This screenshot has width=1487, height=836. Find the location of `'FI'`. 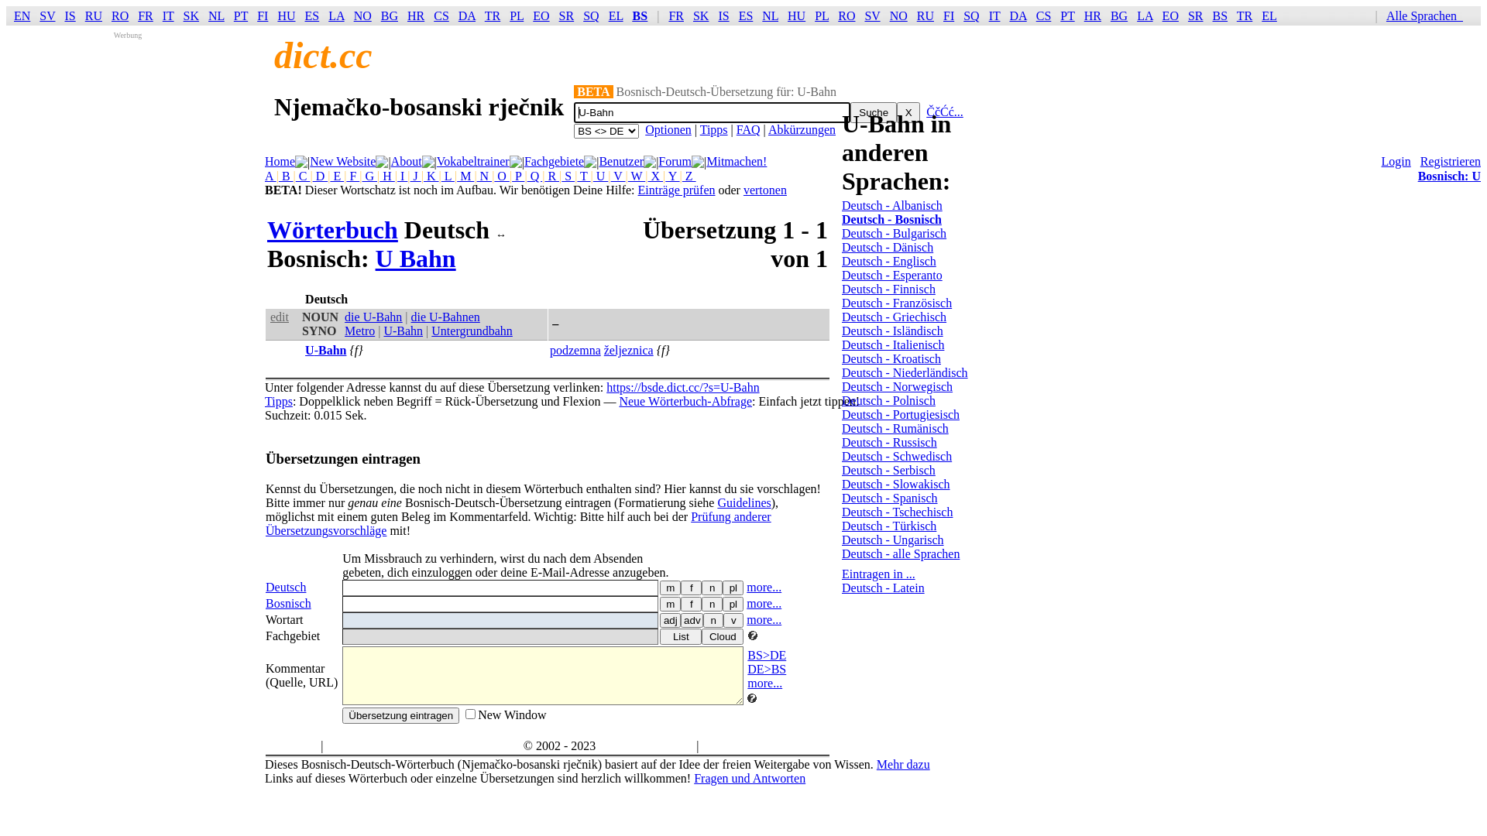

'FI' is located at coordinates (263, 15).